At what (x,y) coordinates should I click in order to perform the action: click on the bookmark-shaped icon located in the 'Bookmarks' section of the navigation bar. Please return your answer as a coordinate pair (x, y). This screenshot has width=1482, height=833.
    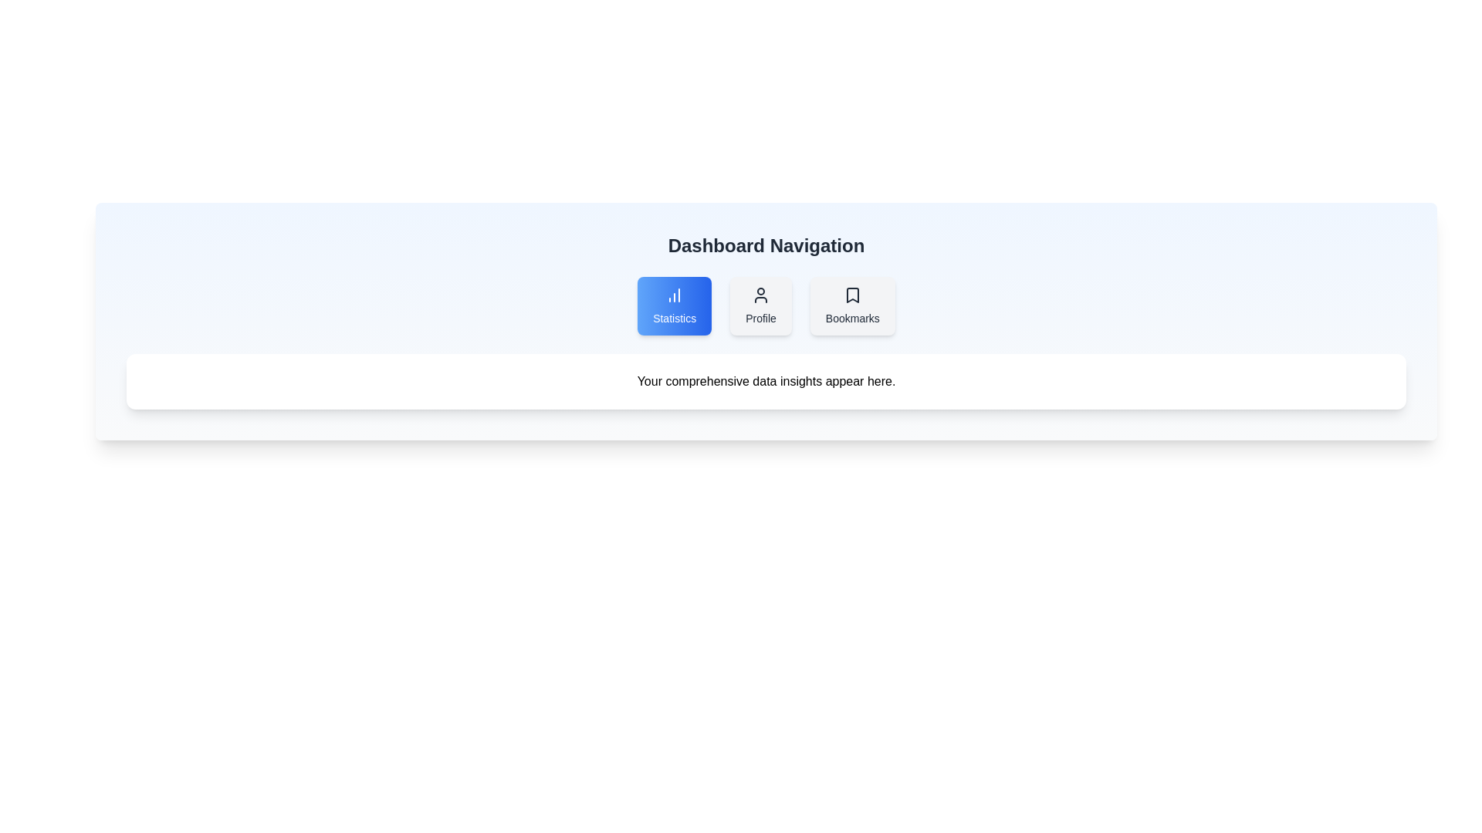
    Looking at the image, I should click on (851, 295).